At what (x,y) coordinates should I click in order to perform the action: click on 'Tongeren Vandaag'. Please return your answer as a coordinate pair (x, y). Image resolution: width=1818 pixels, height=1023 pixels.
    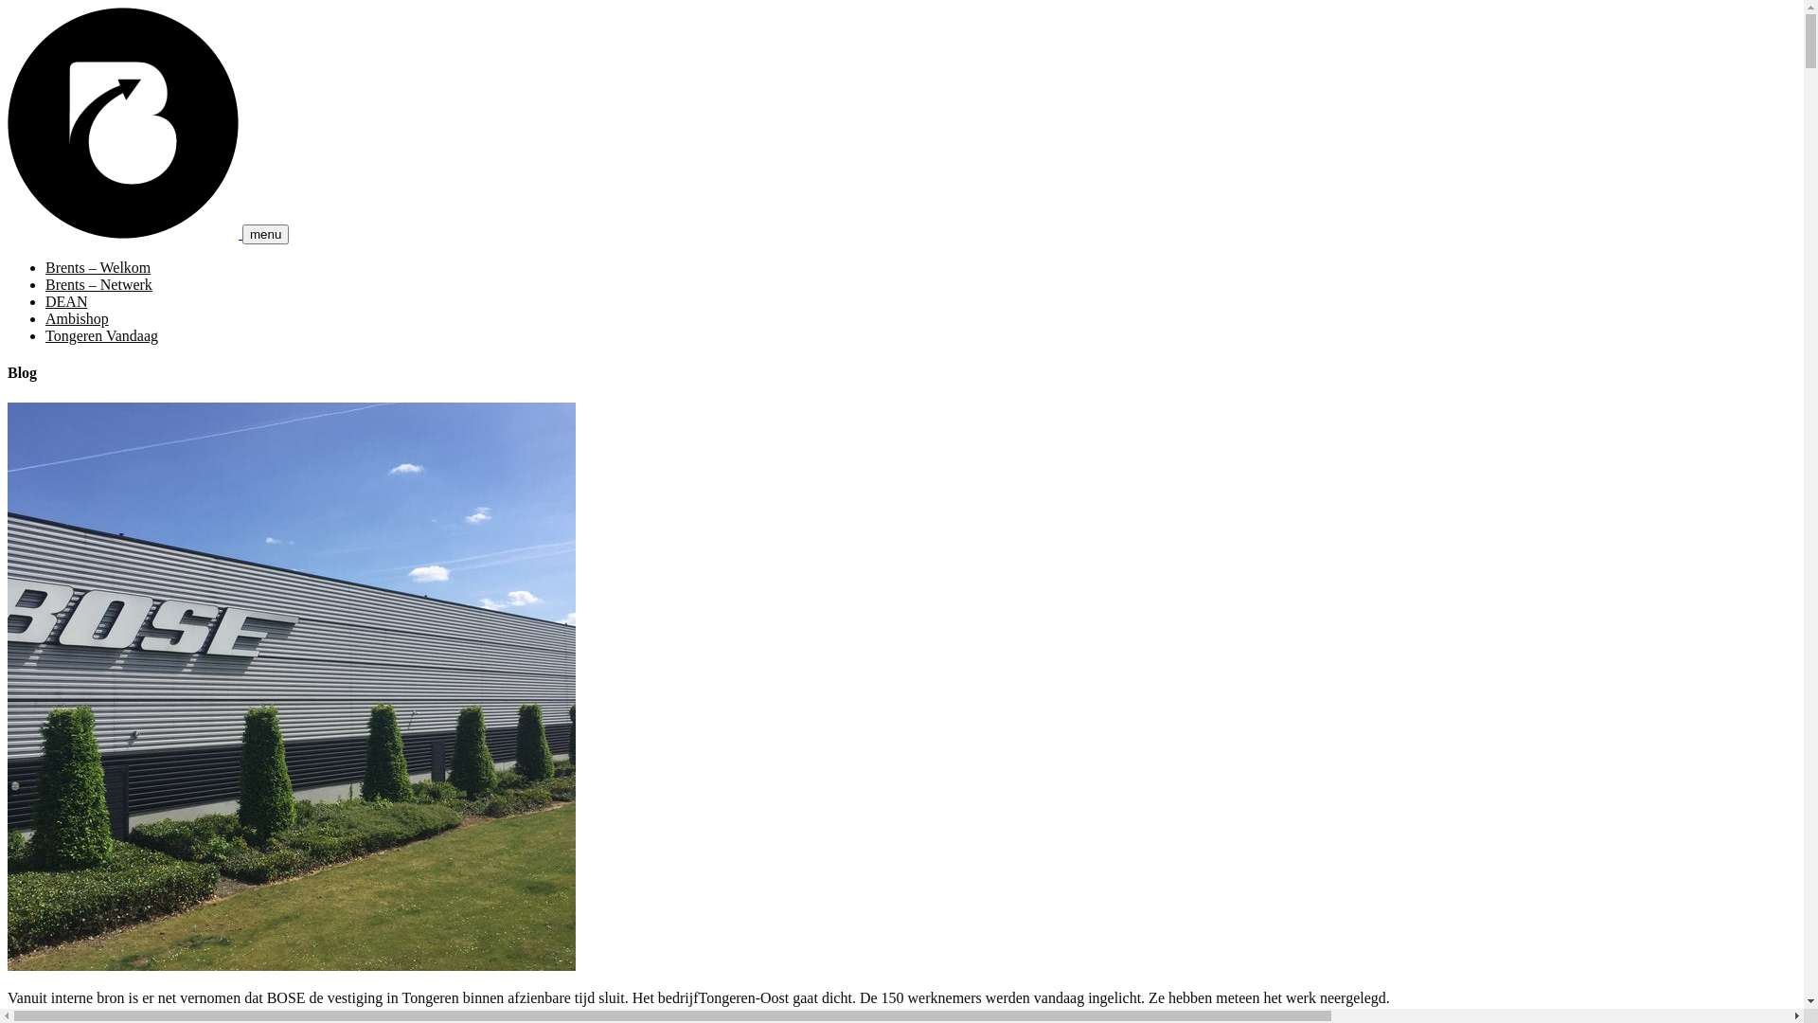
    Looking at the image, I should click on (100, 334).